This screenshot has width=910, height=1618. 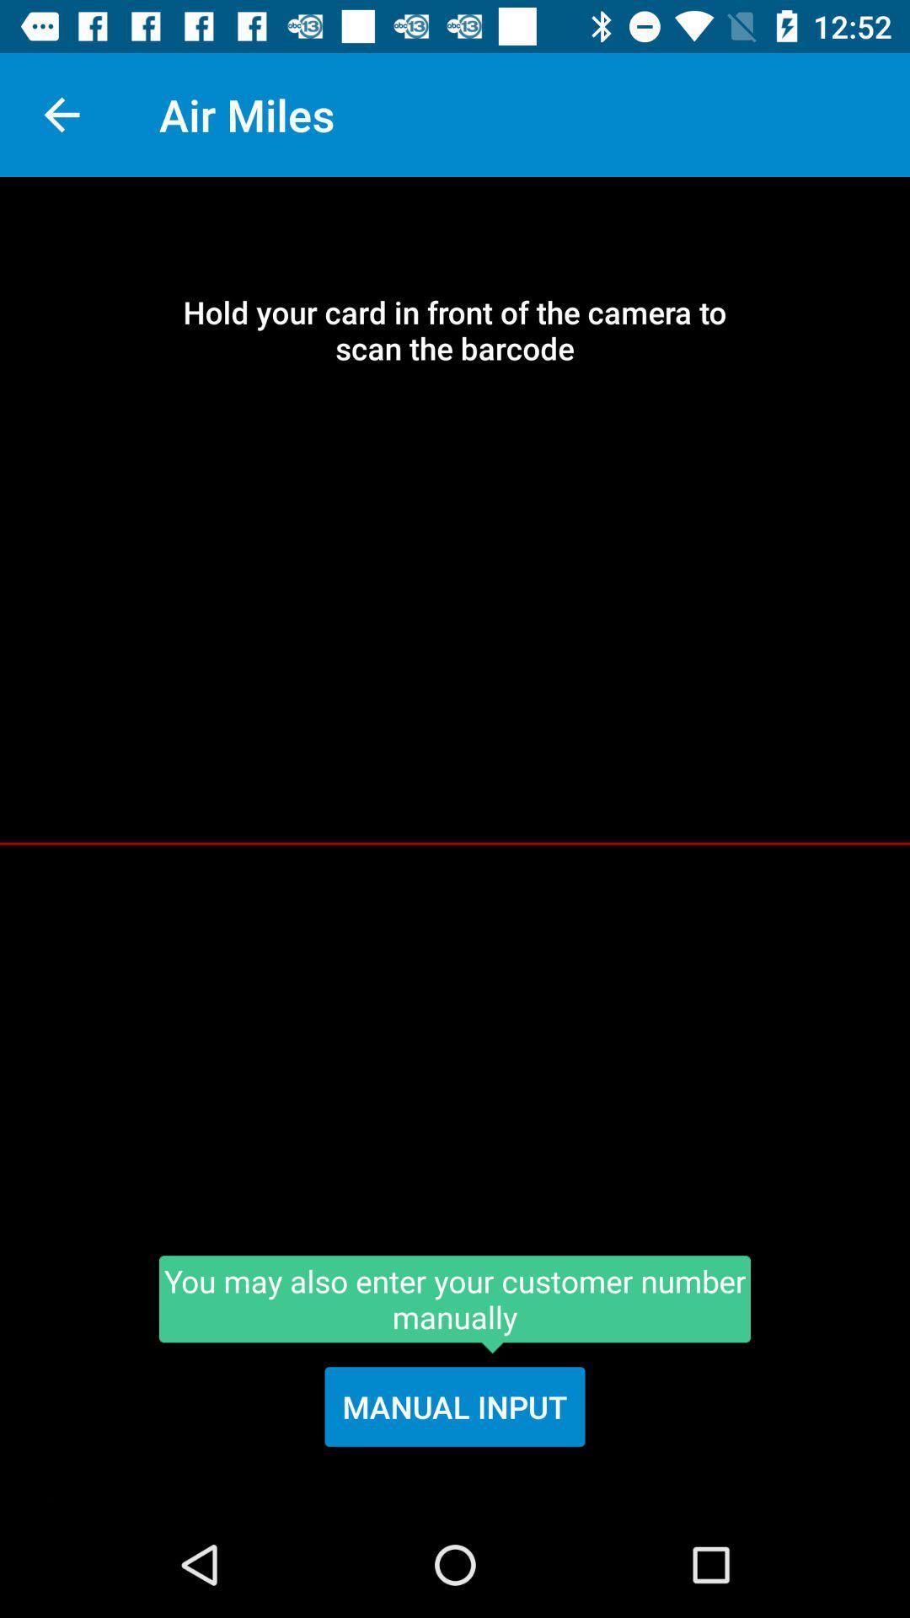 I want to click on the manual input icon, so click(x=455, y=1406).